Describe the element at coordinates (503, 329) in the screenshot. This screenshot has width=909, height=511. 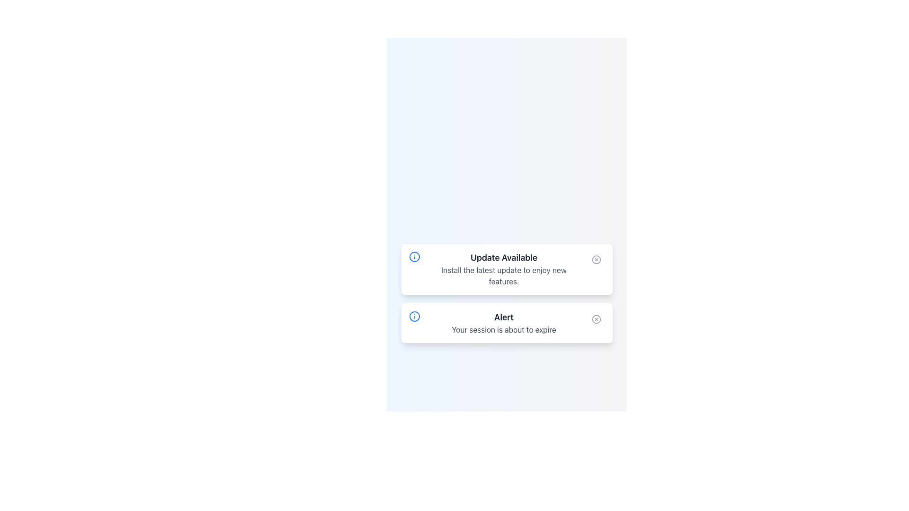
I see `the static text element that informs the user about an imminent session expiration, located in the lower notification box beneath the 'Alert' title` at that location.